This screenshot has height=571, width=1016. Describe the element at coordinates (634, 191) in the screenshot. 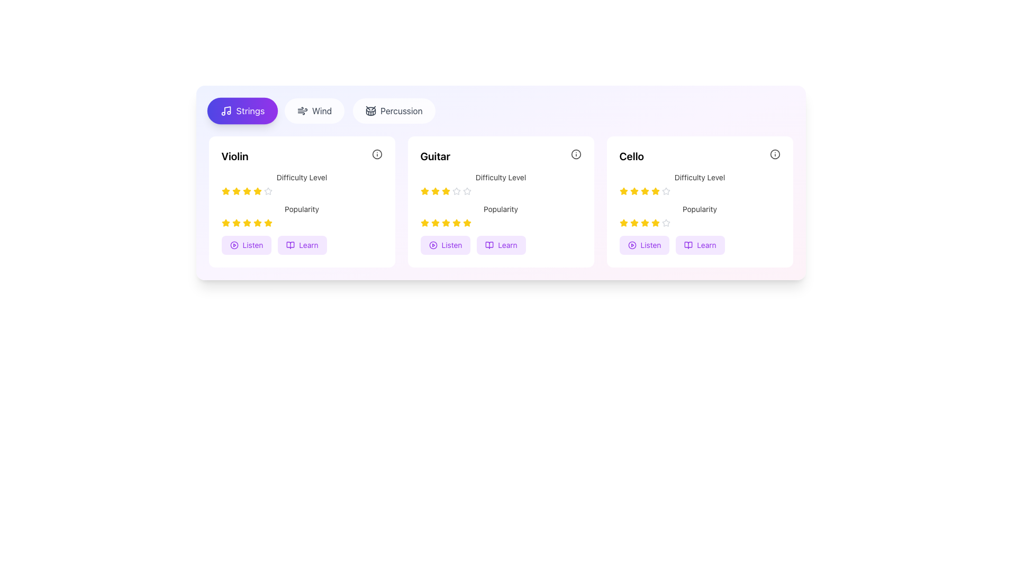

I see `the selected star-shaped icon filled with a yellow stroke and fill, located in the third card labeled 'Cello', representing the second star in the 'Difficulty Level' rating system` at that location.